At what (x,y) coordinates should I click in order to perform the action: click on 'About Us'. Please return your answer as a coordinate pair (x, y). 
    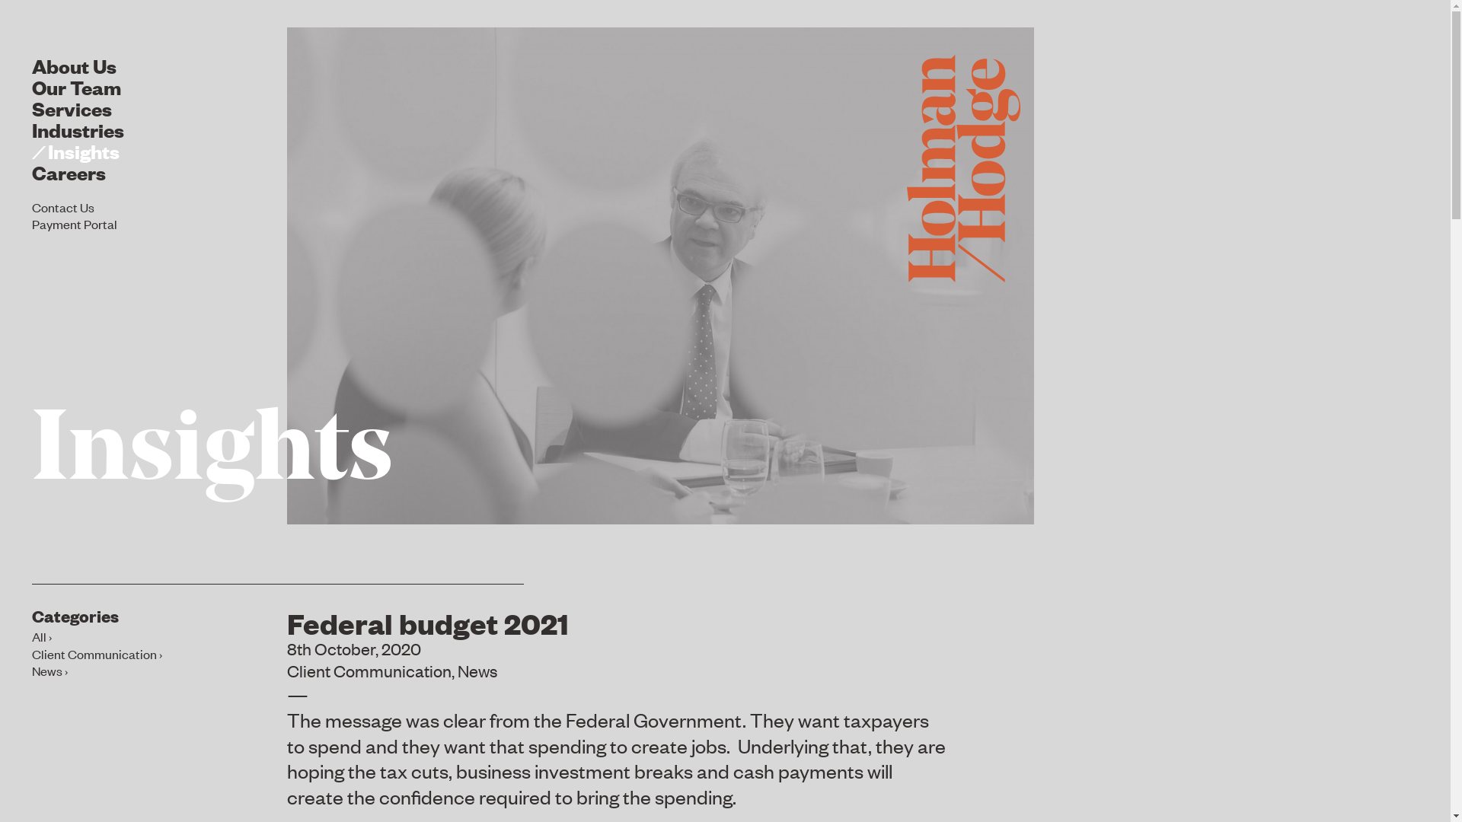
    Looking at the image, I should click on (73, 64).